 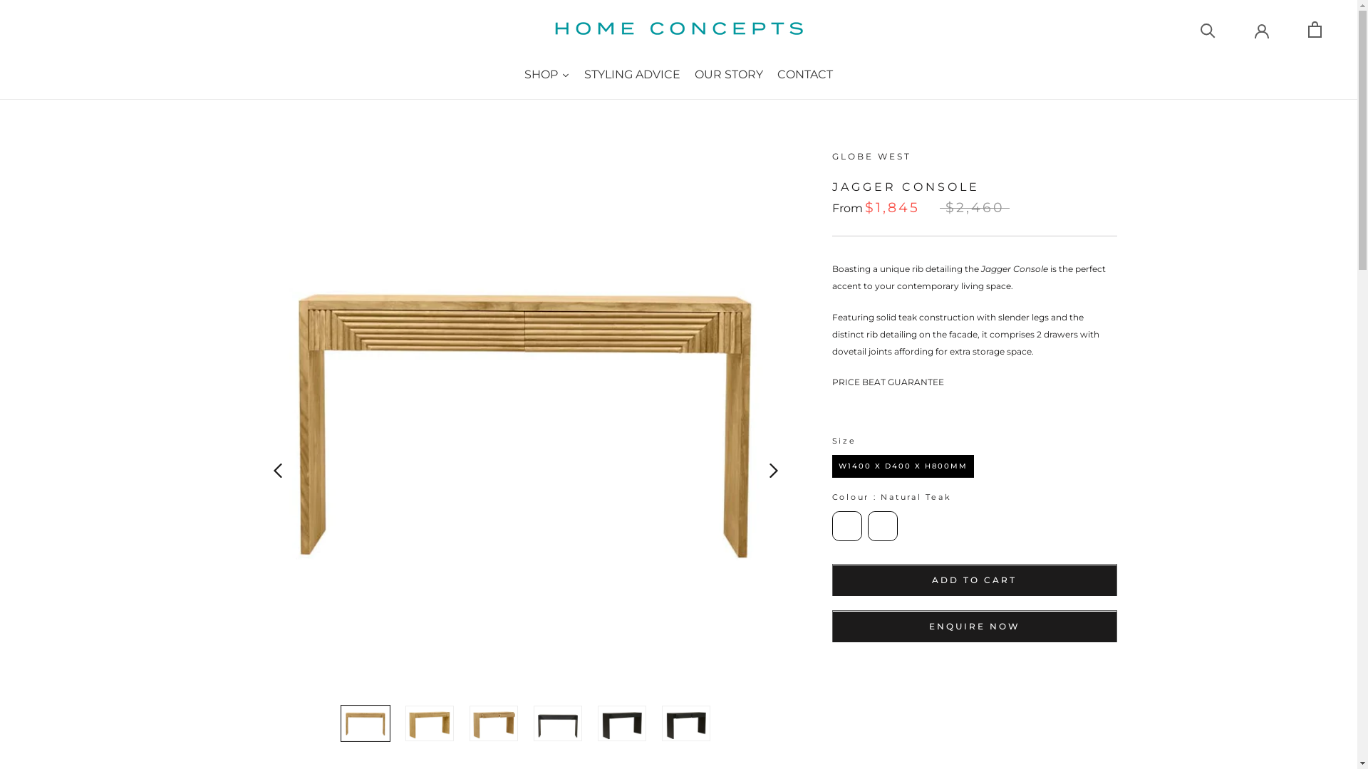 I want to click on 'STYLING ADVICE', so click(x=631, y=74).